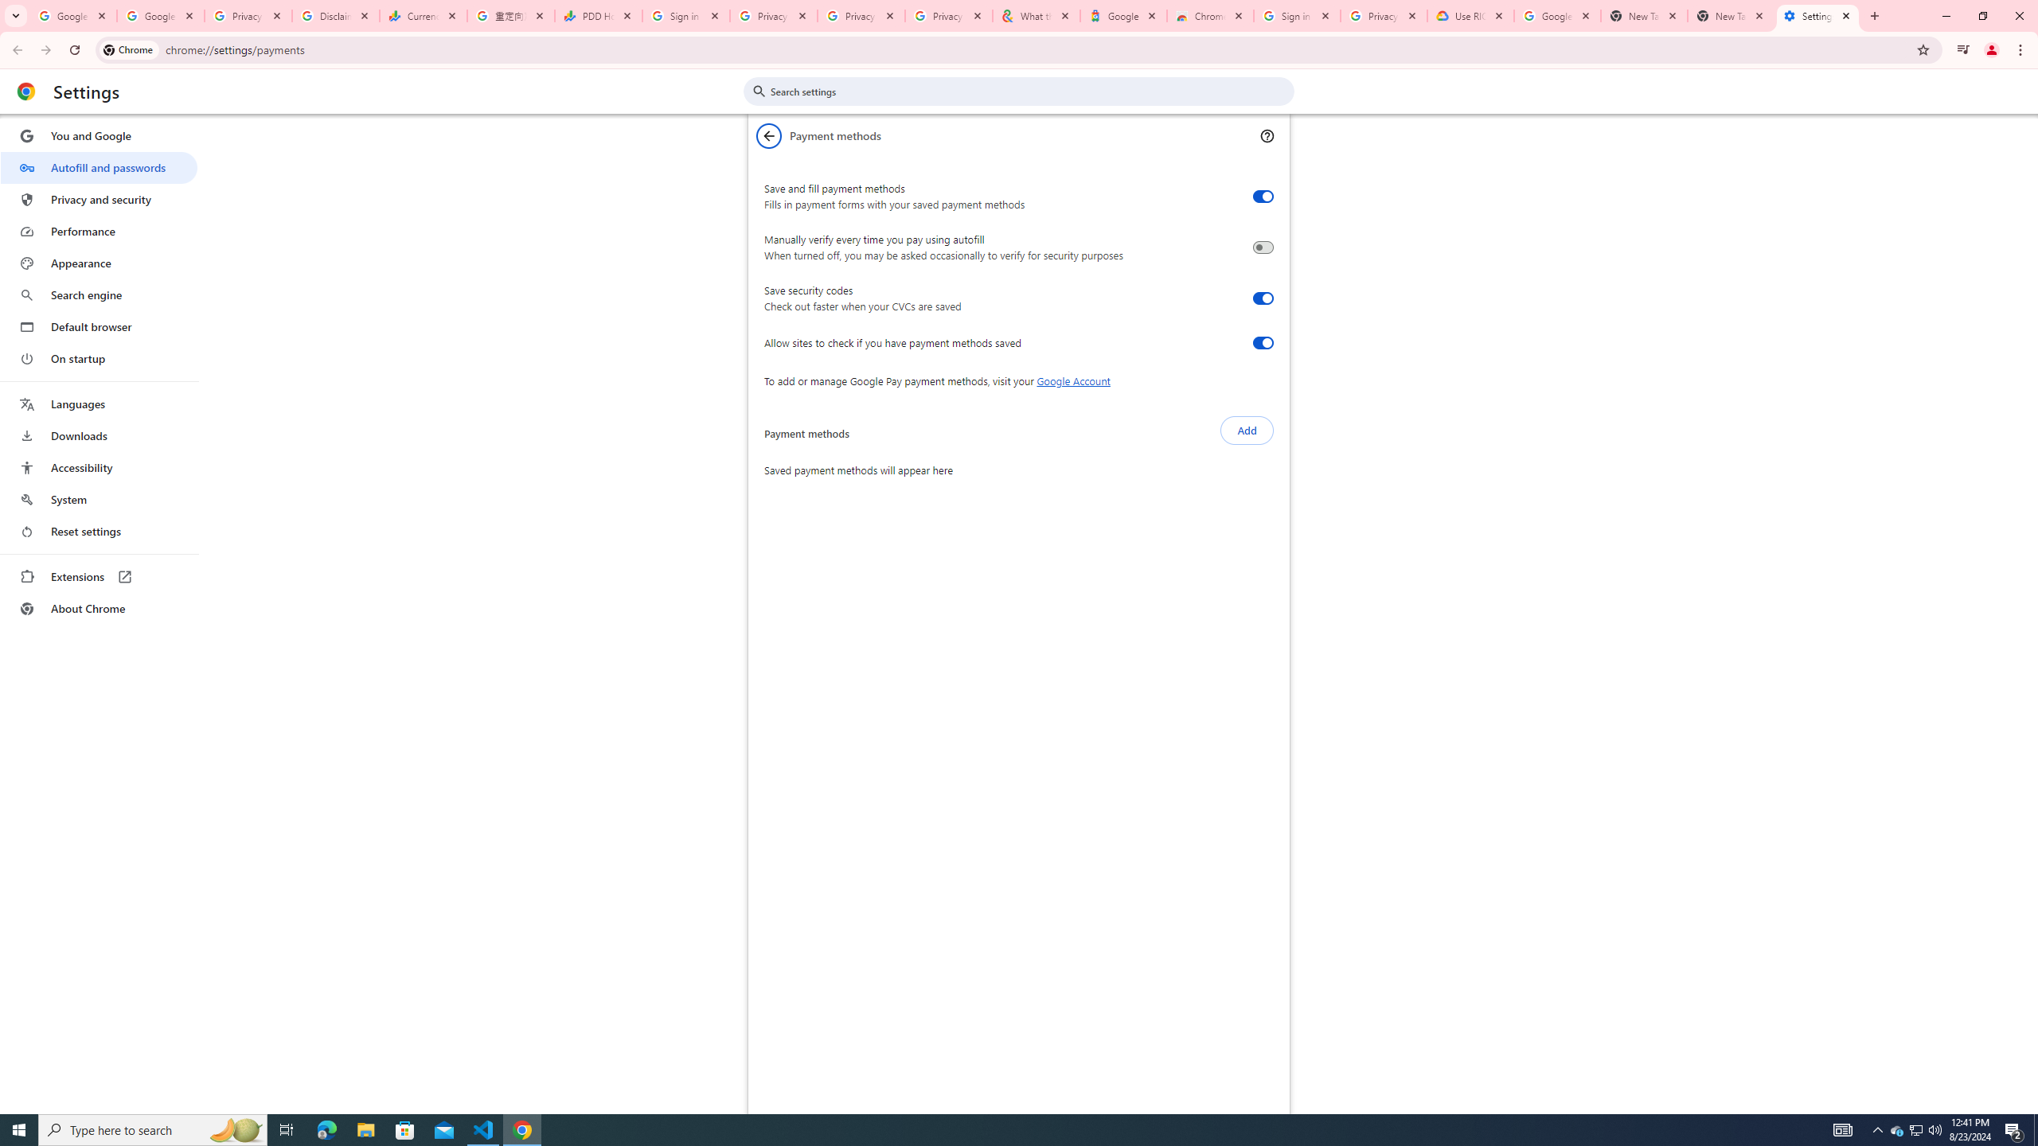 The width and height of the screenshot is (2038, 1146). What do you see at coordinates (98, 263) in the screenshot?
I see `'Appearance'` at bounding box center [98, 263].